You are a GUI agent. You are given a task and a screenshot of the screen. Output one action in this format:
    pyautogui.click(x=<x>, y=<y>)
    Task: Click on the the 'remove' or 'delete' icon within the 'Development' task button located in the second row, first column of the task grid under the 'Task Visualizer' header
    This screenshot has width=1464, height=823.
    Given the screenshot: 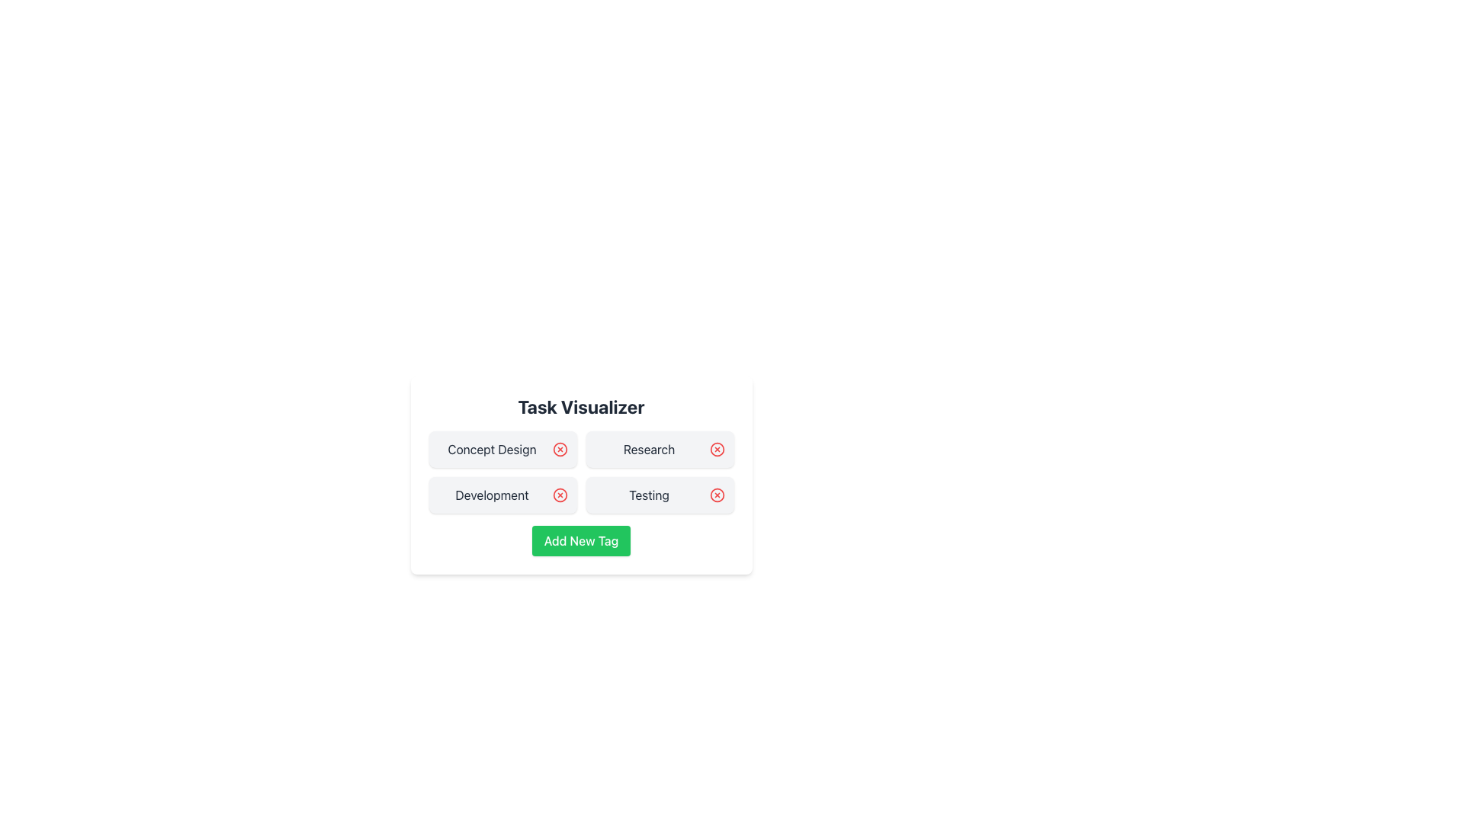 What is the action you would take?
    pyautogui.click(x=559, y=495)
    